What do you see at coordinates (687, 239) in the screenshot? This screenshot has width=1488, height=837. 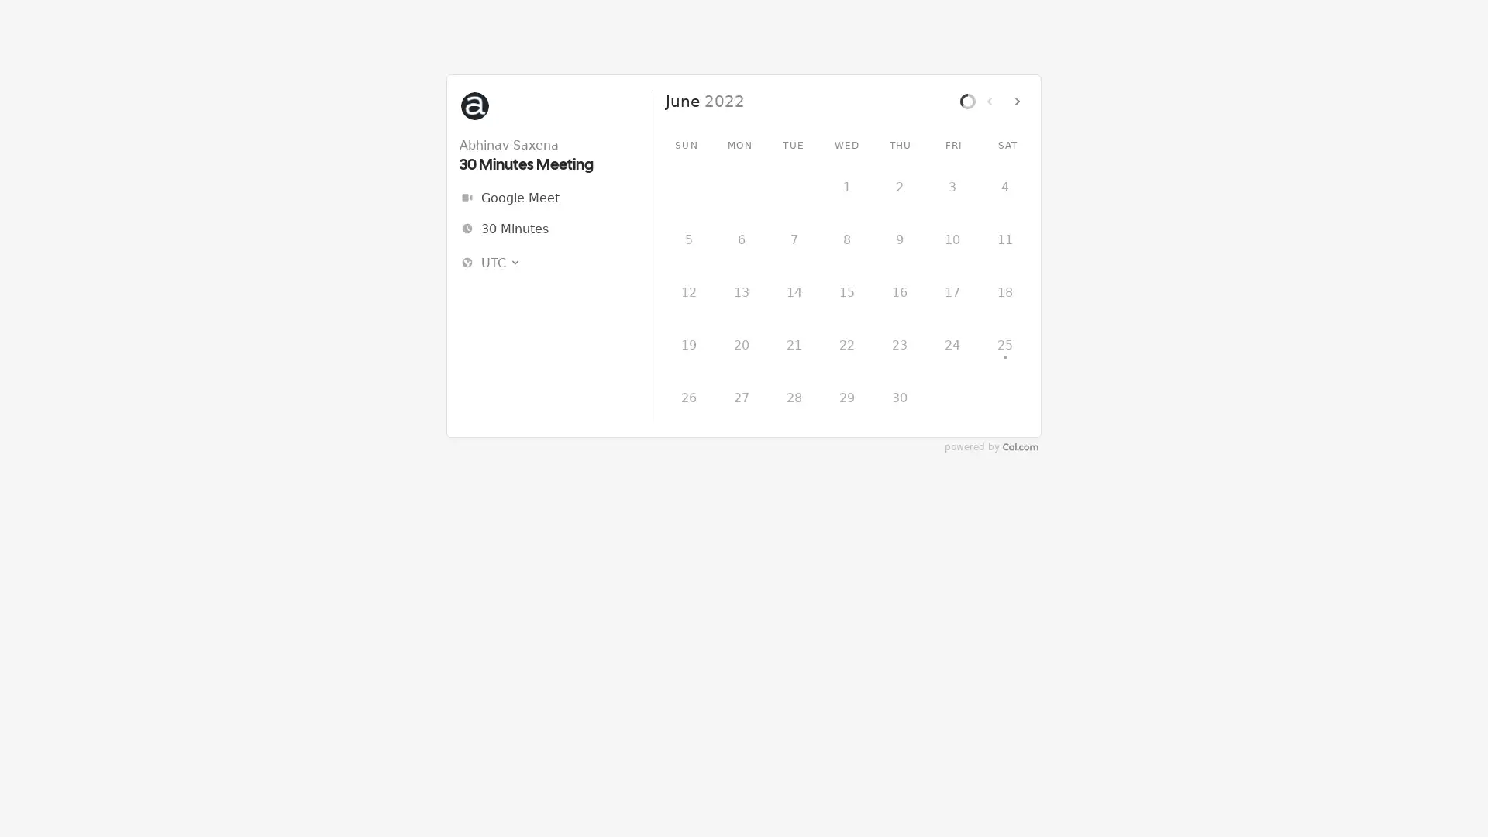 I see `5` at bounding box center [687, 239].